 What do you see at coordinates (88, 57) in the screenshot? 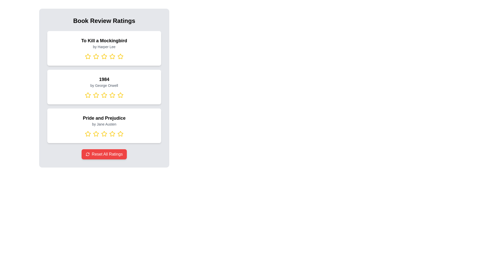
I see `the rating for a book by selecting 1 stars for the book titled To Kill a Mockingbird` at bounding box center [88, 57].